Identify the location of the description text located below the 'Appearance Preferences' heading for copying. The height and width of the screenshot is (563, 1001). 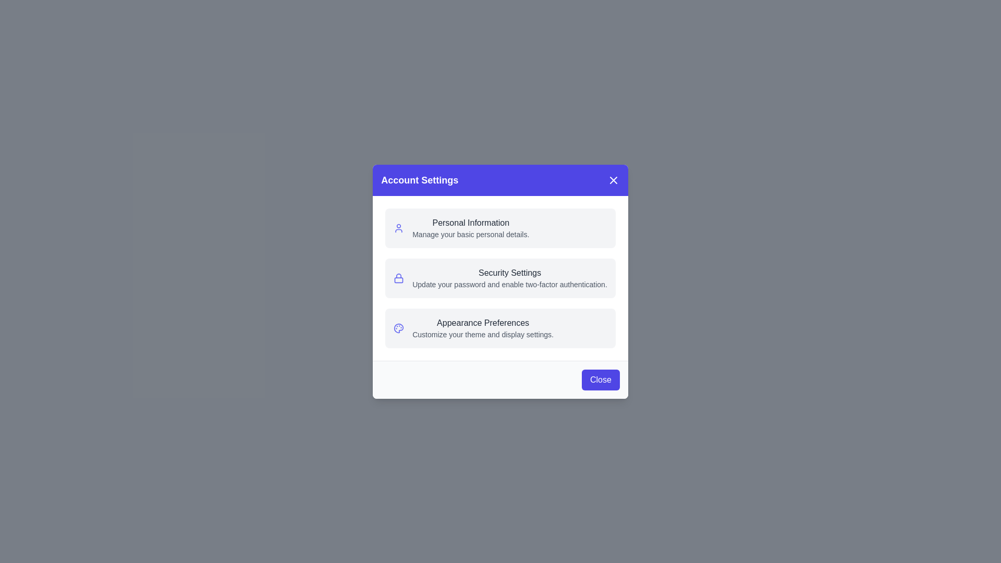
(482, 334).